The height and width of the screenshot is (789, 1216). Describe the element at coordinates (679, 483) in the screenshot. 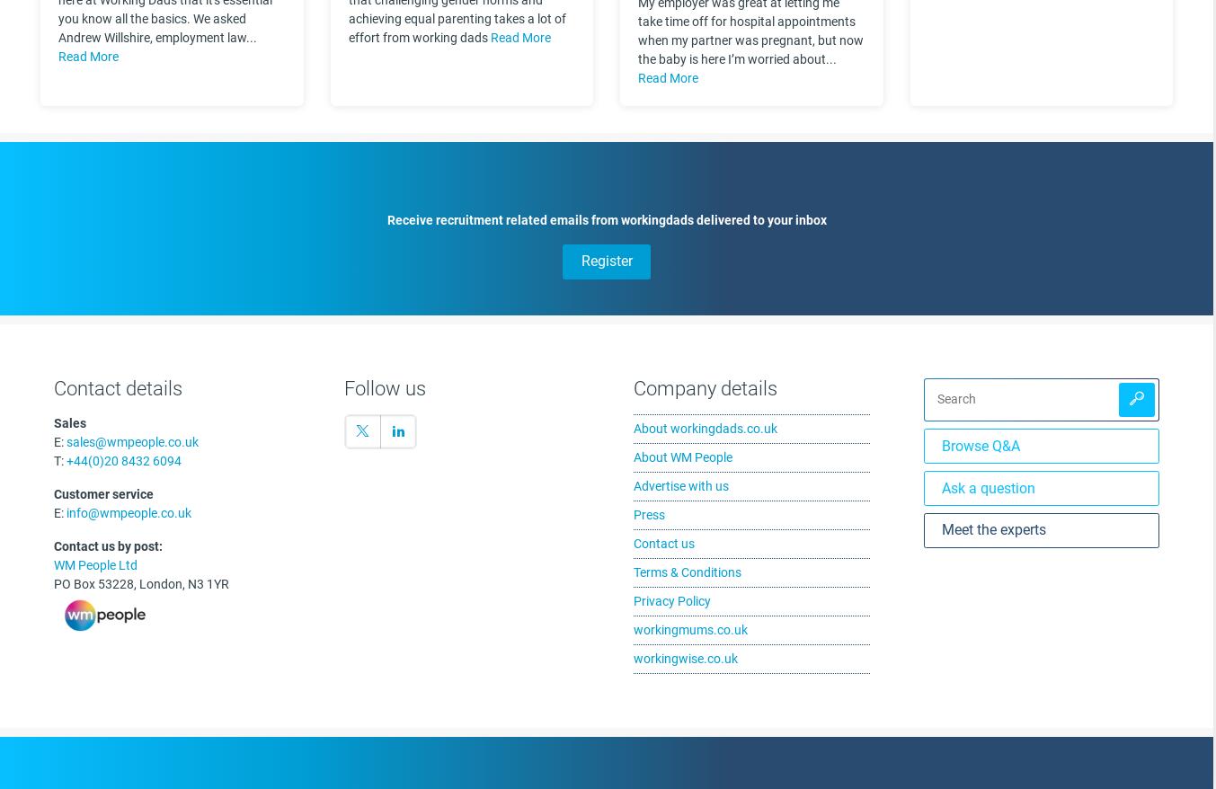

I see `'Advertise with us'` at that location.